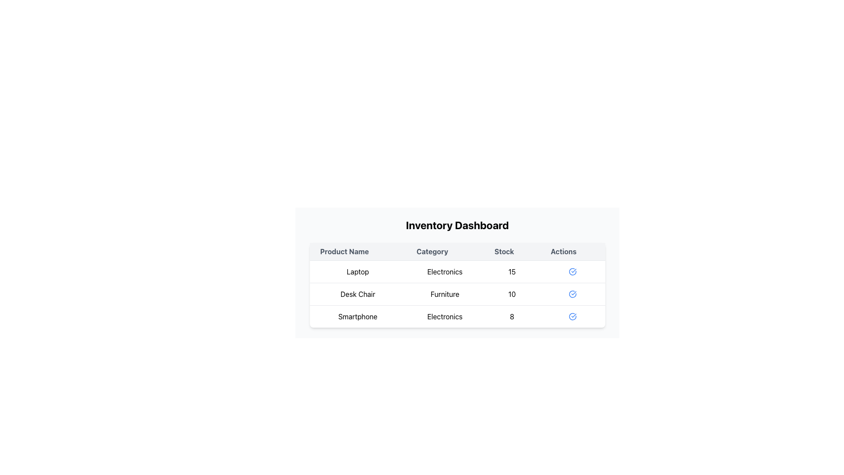 The height and width of the screenshot is (475, 844). I want to click on the static text element displaying the number '15' in the 'Stock' column of the first row of the table, so click(512, 271).